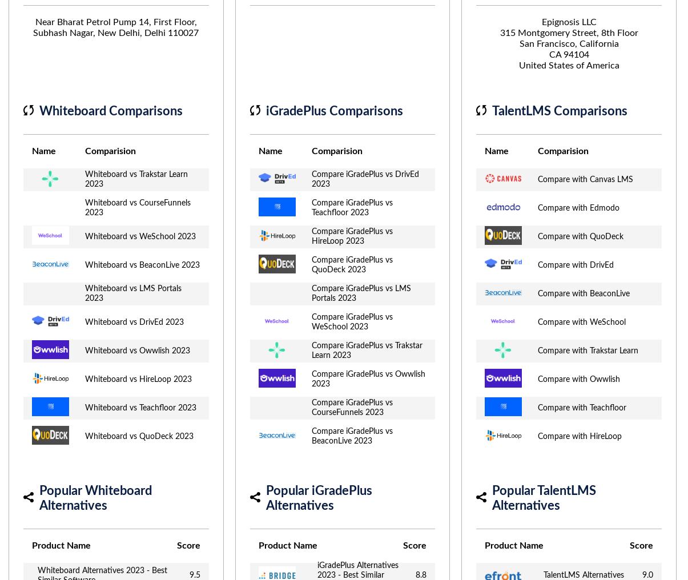 This screenshot has width=688, height=580. What do you see at coordinates (585, 179) in the screenshot?
I see `'Compare with Canvas LMS'` at bounding box center [585, 179].